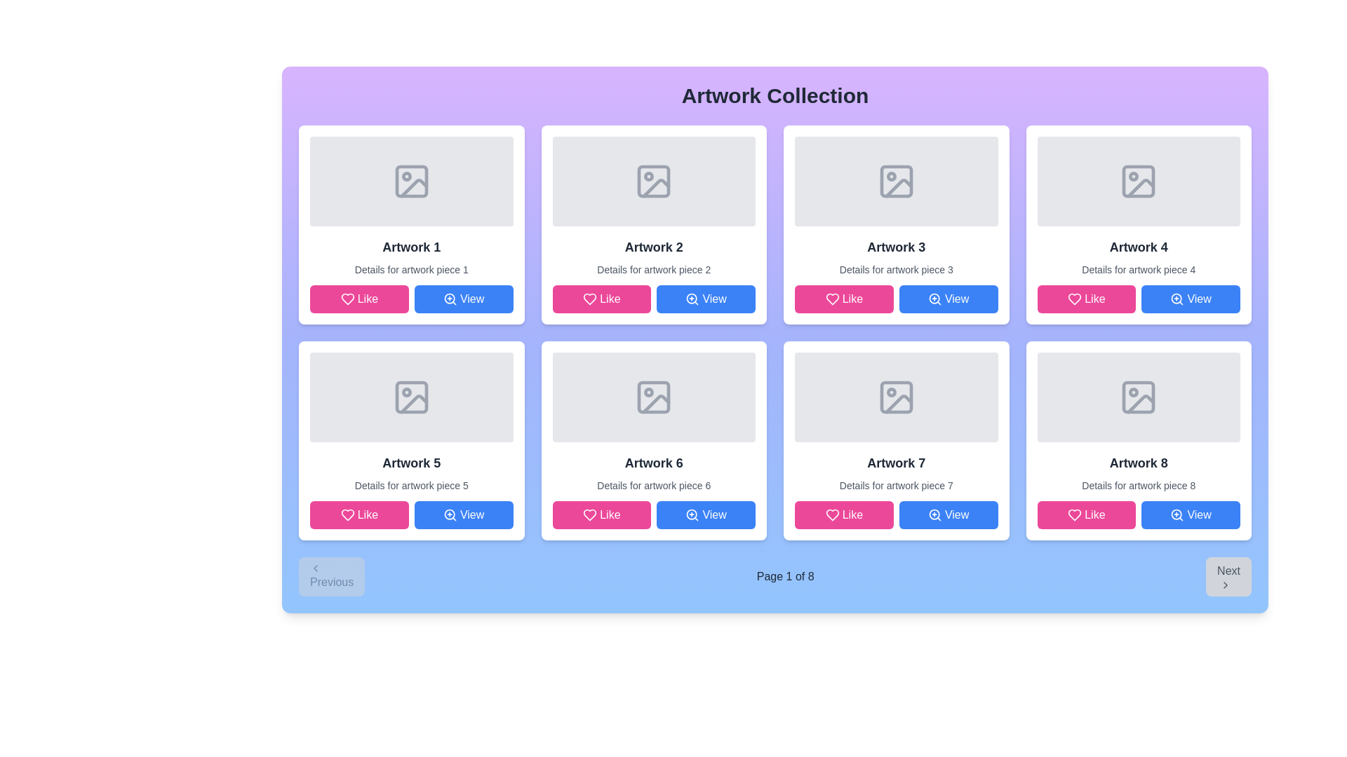 This screenshot has width=1347, height=757. Describe the element at coordinates (832, 515) in the screenshot. I see `the 'Like' icon in the 'Artwork 7' card, which is located in the bottom row, third from the left, to the left of the blue 'View' button` at that location.